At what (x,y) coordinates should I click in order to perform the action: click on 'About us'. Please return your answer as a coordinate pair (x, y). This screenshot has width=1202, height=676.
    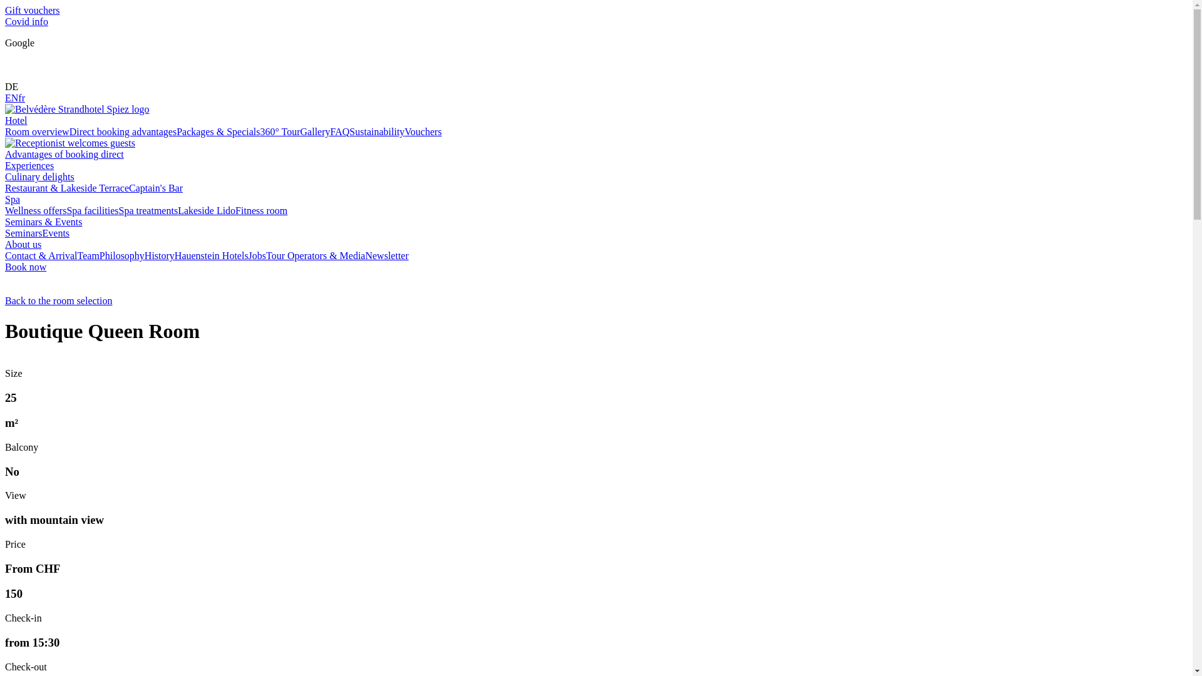
    Looking at the image, I should click on (5, 244).